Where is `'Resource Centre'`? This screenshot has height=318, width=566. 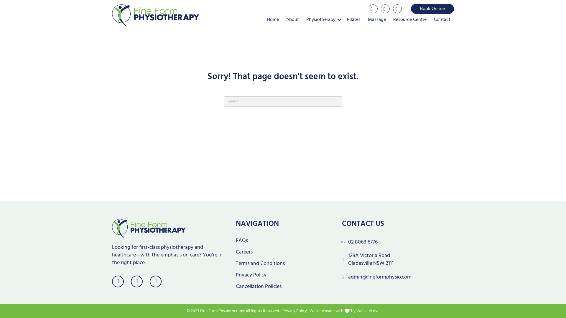
'Resource Centre' is located at coordinates (389, 19).